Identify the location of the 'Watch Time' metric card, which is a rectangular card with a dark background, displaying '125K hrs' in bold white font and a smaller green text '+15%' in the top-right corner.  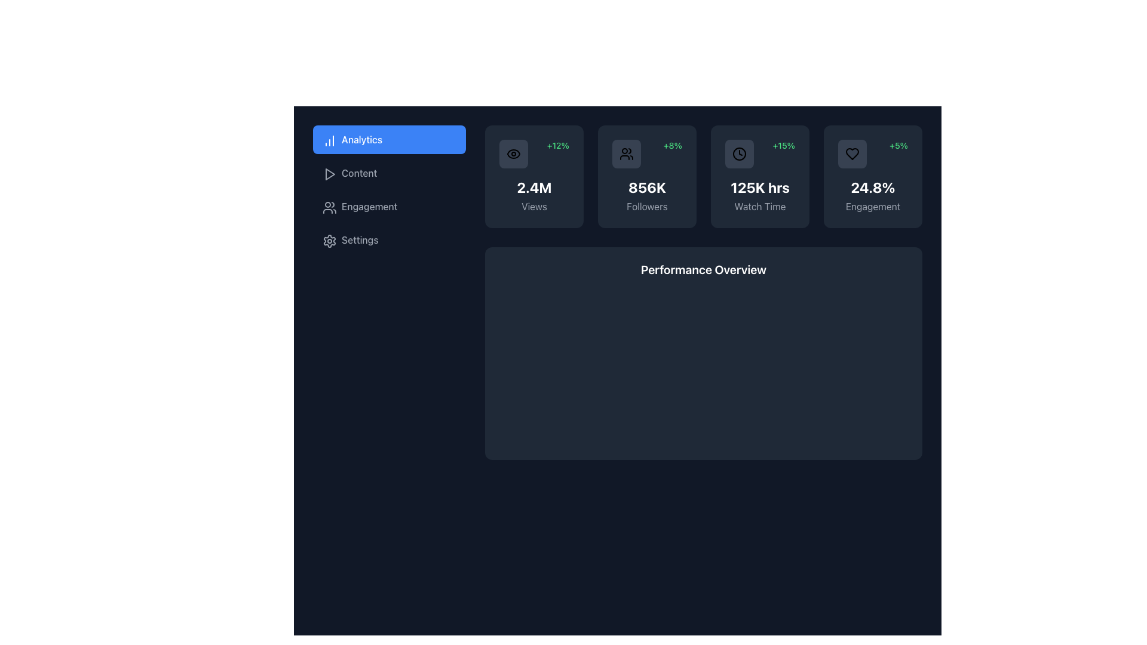
(759, 177).